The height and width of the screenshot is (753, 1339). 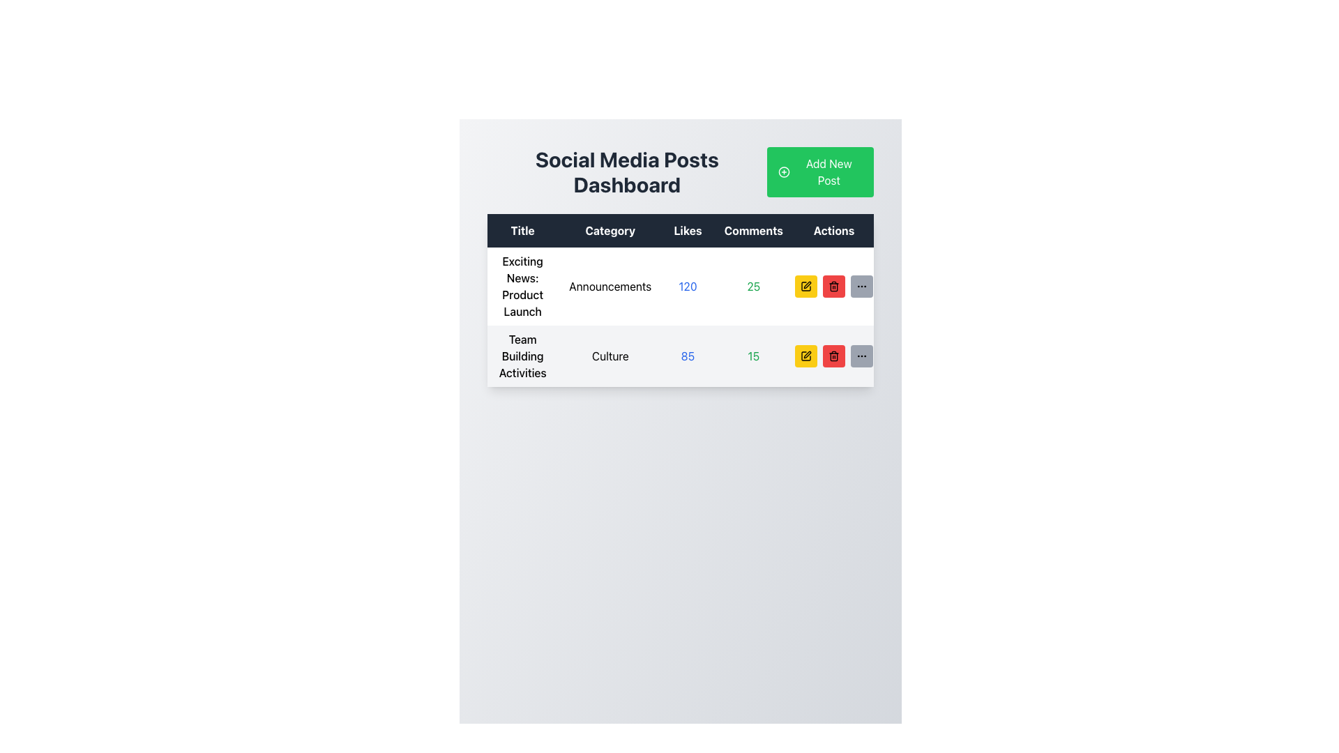 What do you see at coordinates (806, 286) in the screenshot?
I see `the leftmost edit button in the 'Actions' column of the first row` at bounding box center [806, 286].